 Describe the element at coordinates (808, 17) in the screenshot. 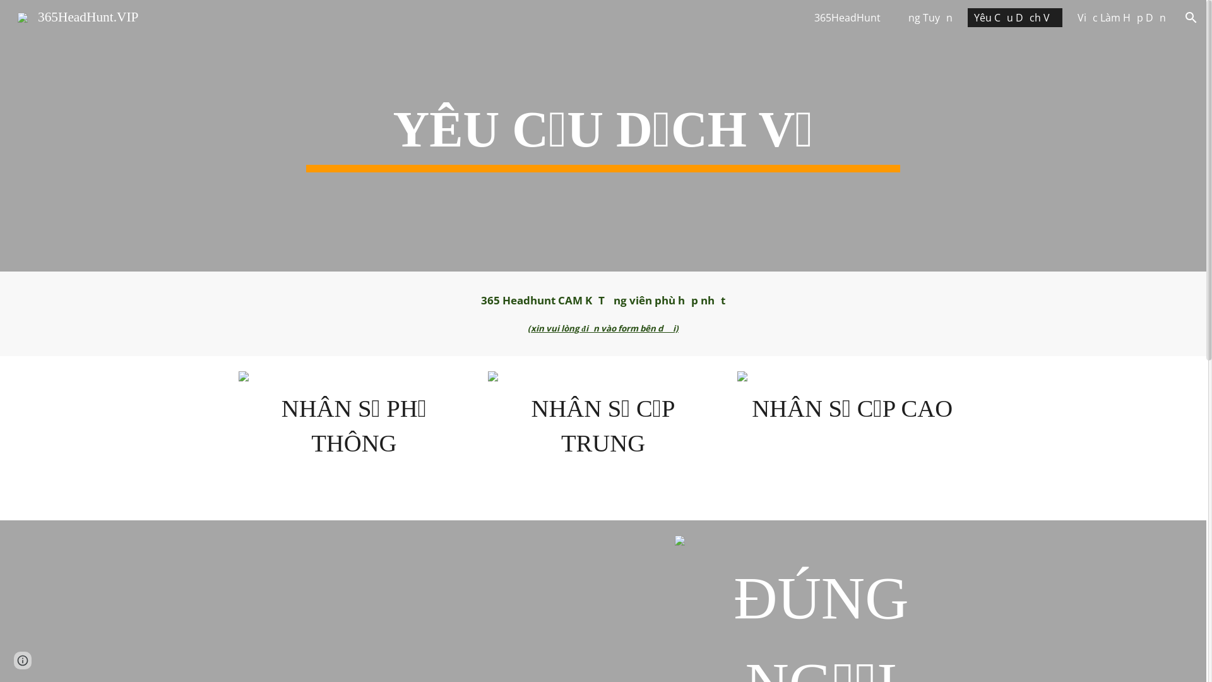

I see `'365HeadHunt'` at that location.